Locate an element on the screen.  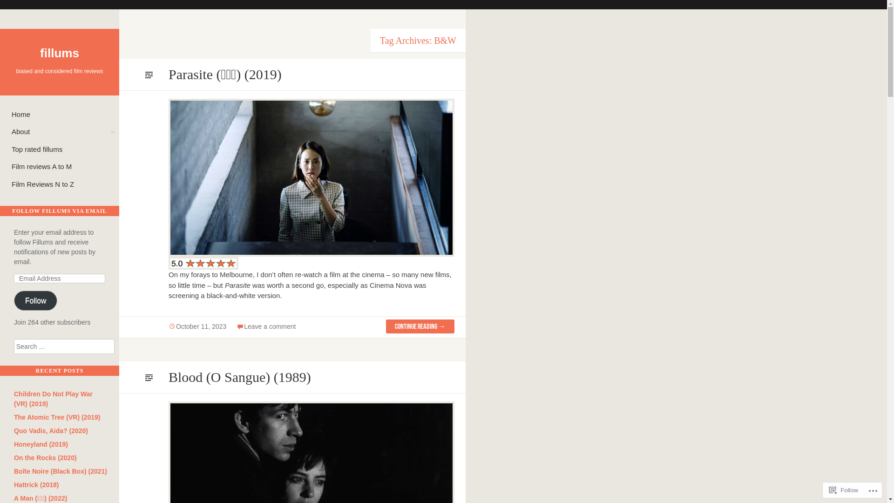
'Quo Vadis, Aida? (2020)' is located at coordinates (50, 431).